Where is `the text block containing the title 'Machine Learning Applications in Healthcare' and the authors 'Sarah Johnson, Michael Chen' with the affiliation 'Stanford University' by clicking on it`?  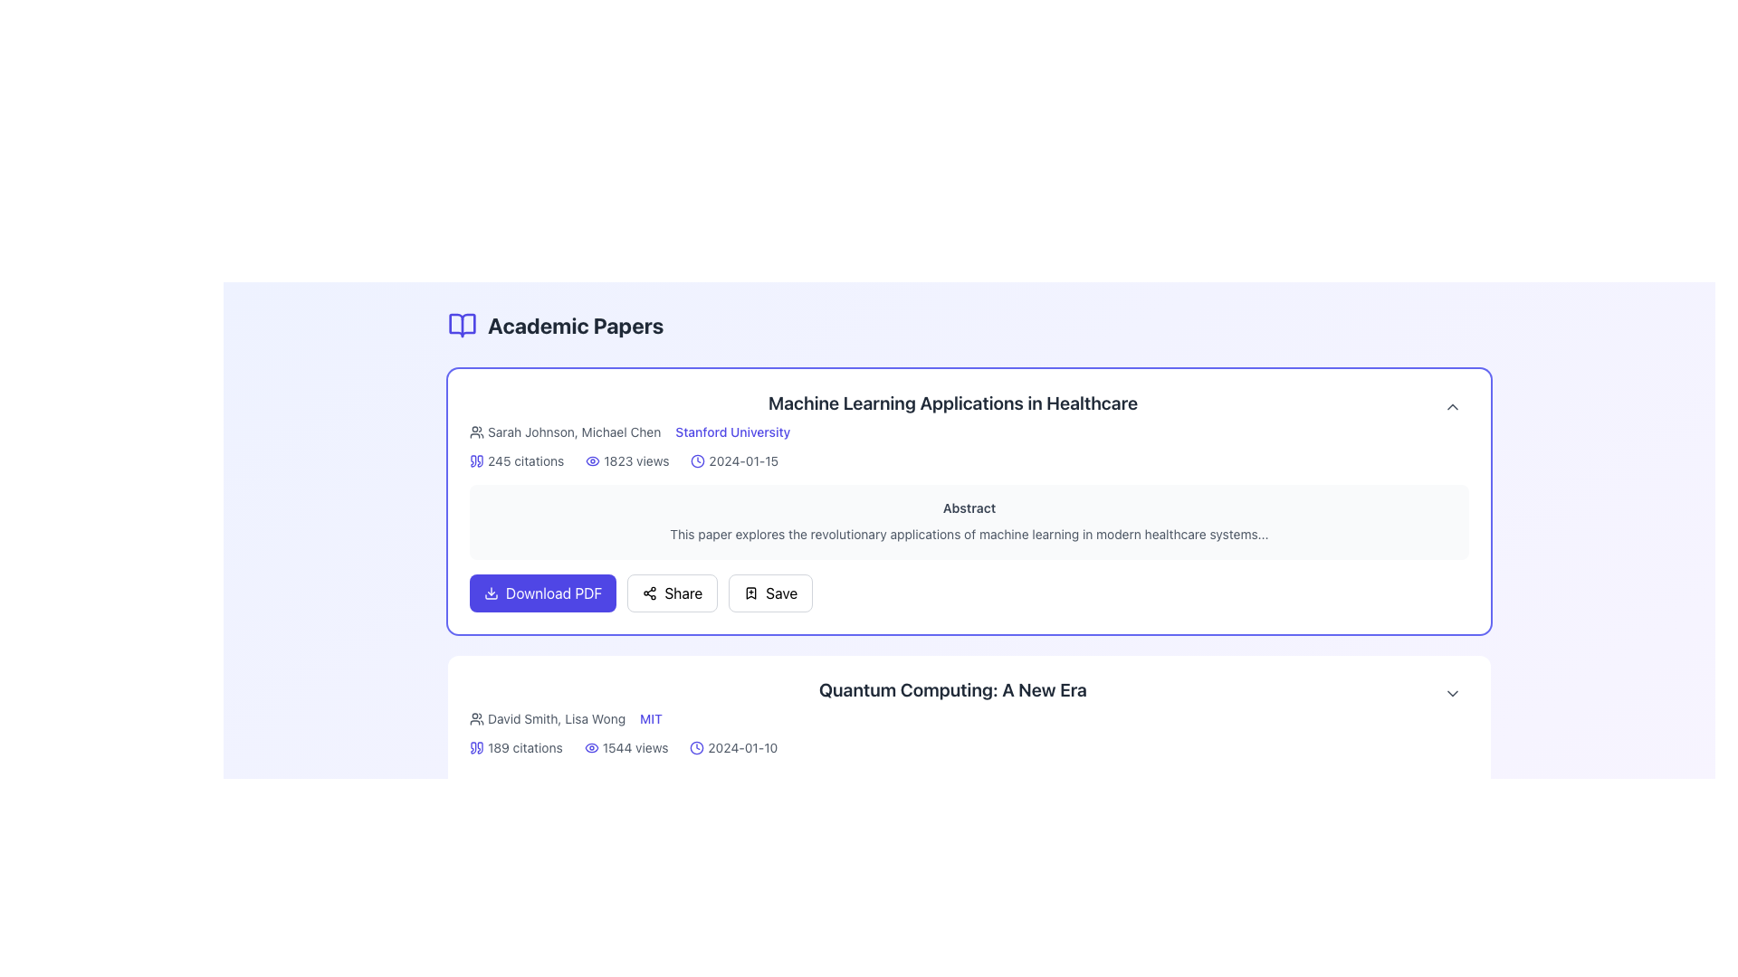 the text block containing the title 'Machine Learning Applications in Healthcare' and the authors 'Sarah Johnson, Michael Chen' with the affiliation 'Stanford University' by clicking on it is located at coordinates (951, 422).